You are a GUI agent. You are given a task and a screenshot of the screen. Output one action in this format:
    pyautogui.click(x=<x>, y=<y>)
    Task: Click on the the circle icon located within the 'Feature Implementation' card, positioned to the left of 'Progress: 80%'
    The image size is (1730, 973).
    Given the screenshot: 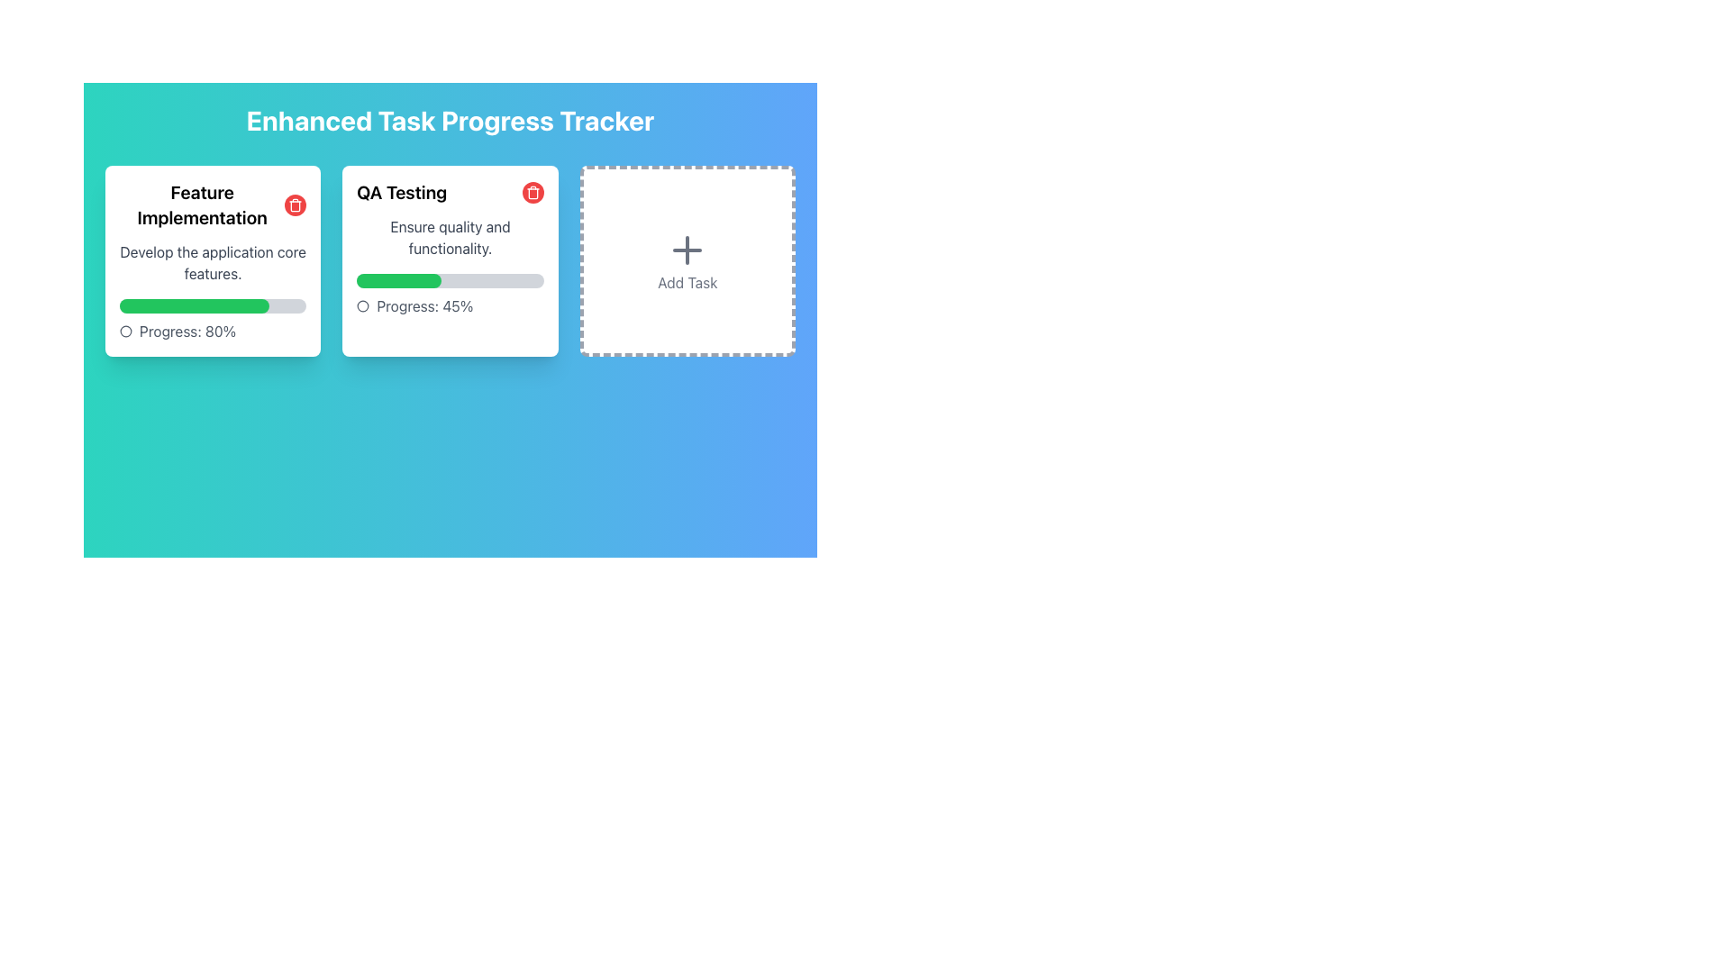 What is the action you would take?
    pyautogui.click(x=124, y=331)
    